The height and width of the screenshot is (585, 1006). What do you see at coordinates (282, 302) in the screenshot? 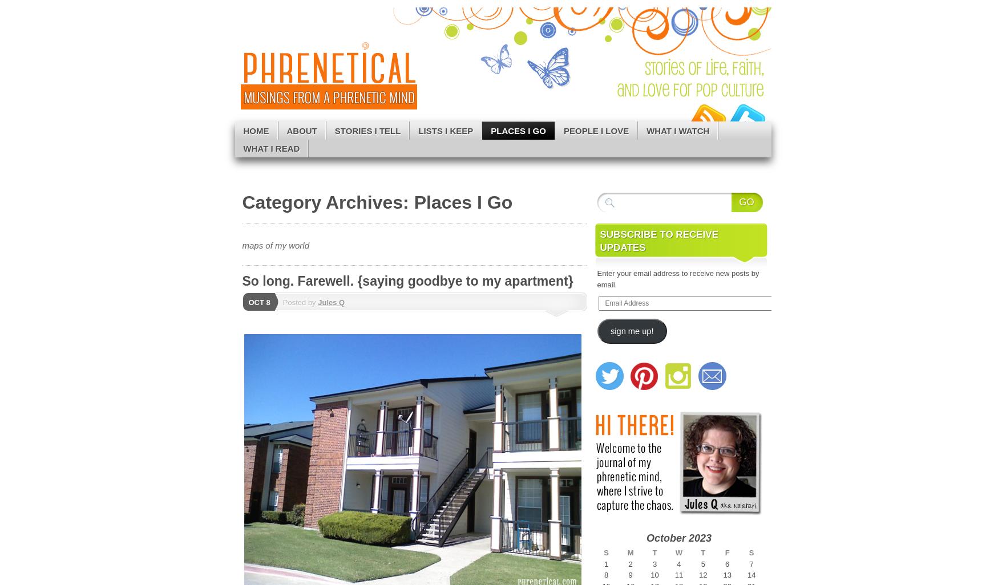
I see `'Posted by'` at bounding box center [282, 302].